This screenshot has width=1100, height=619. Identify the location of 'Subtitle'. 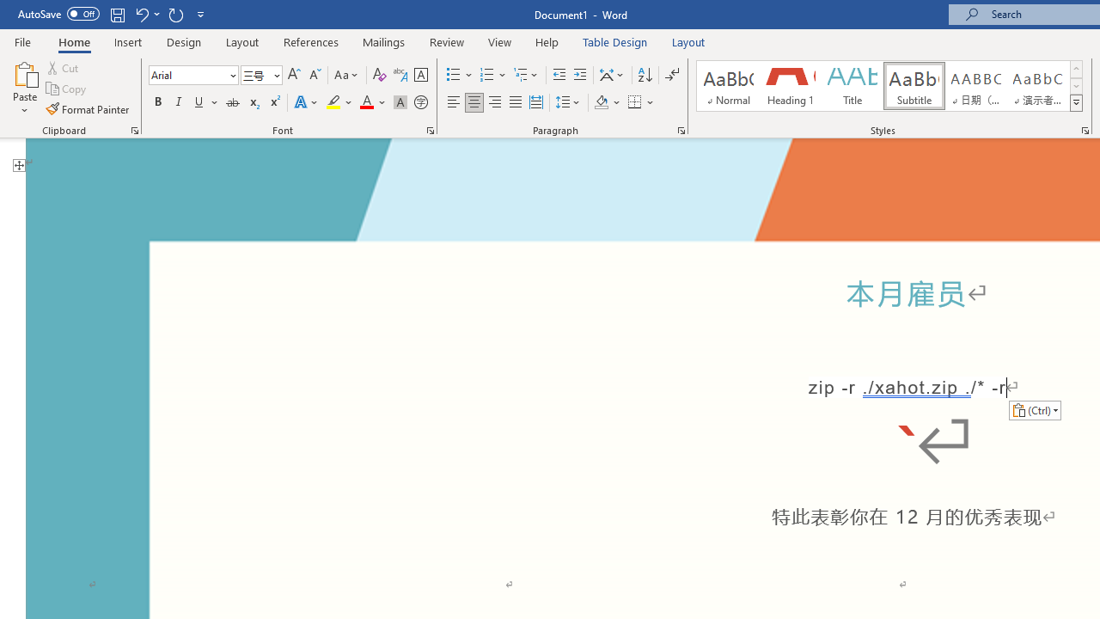
(913, 86).